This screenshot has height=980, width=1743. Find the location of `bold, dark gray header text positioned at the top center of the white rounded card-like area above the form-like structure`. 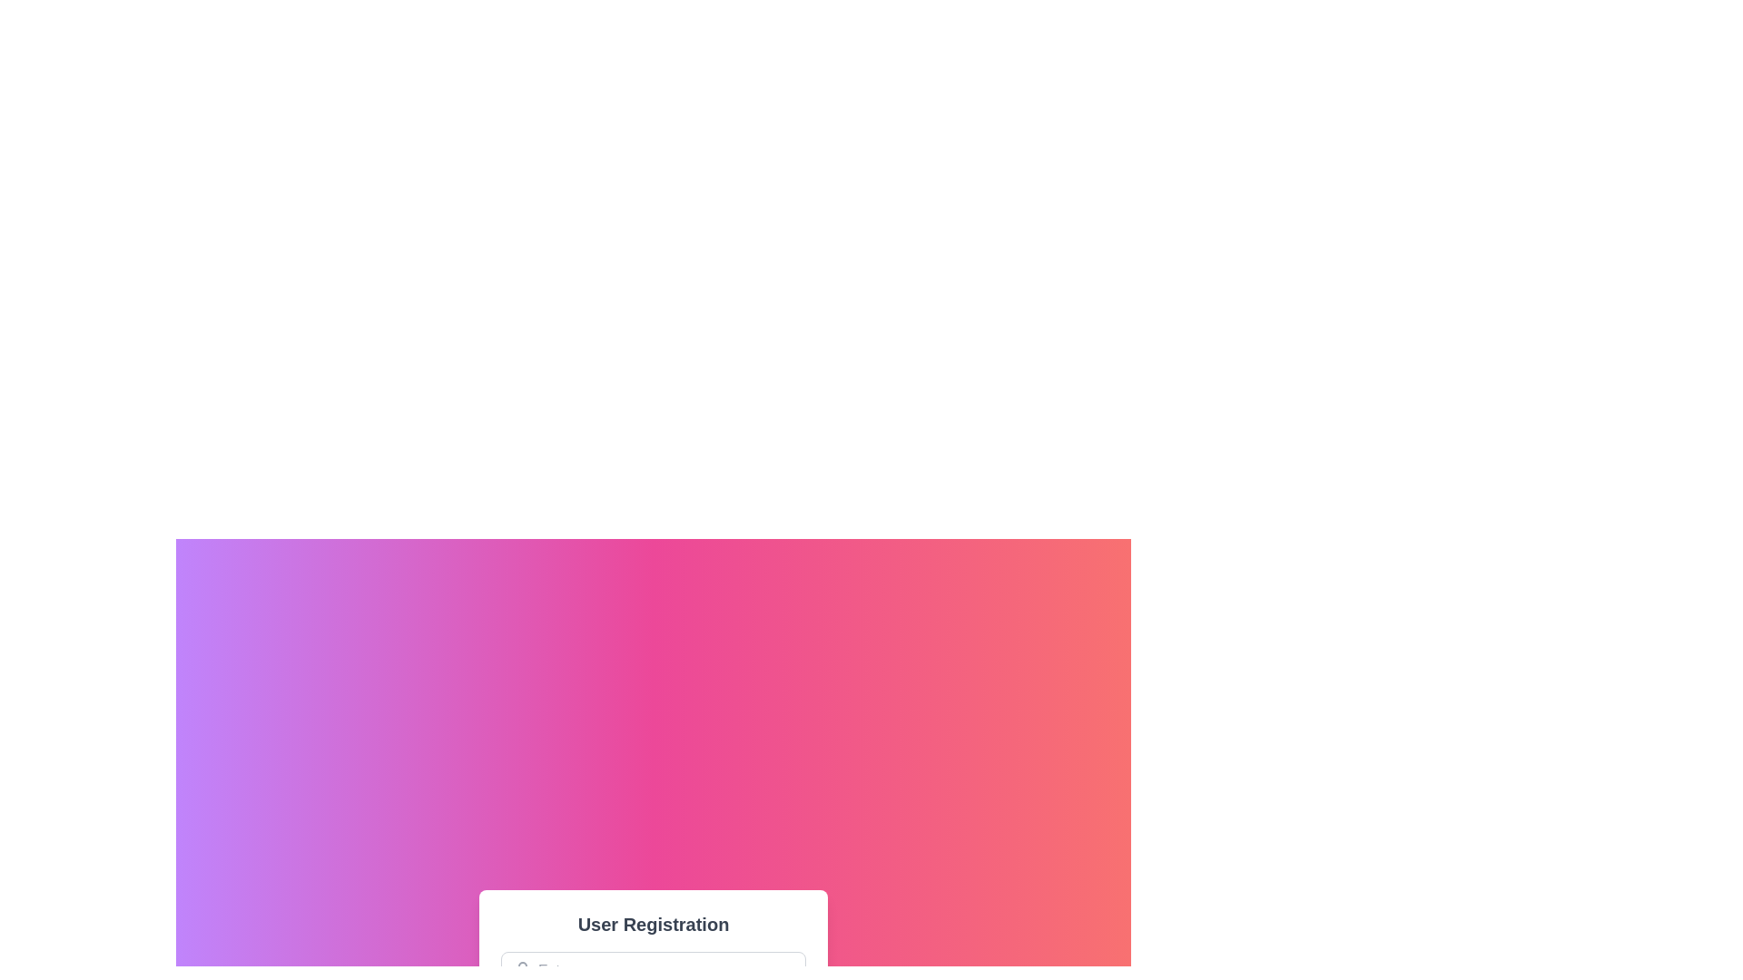

bold, dark gray header text positioned at the top center of the white rounded card-like area above the form-like structure is located at coordinates (654, 924).